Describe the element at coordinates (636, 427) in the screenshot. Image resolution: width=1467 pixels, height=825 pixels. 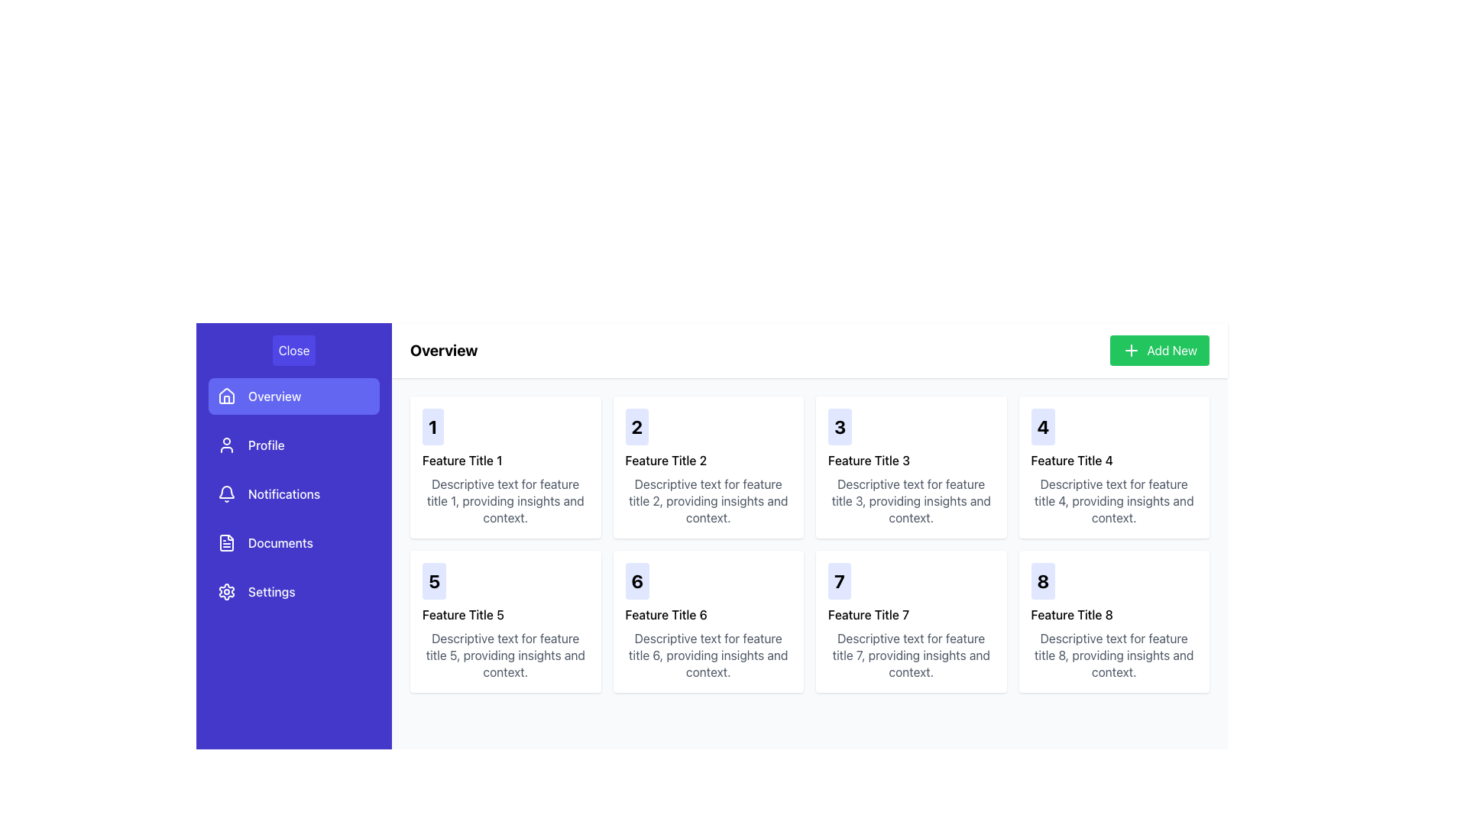
I see `the static text element that designates the index of the respective feature tile in the grid, located at the top-left corner of the second feature tile in the second column of the first row` at that location.